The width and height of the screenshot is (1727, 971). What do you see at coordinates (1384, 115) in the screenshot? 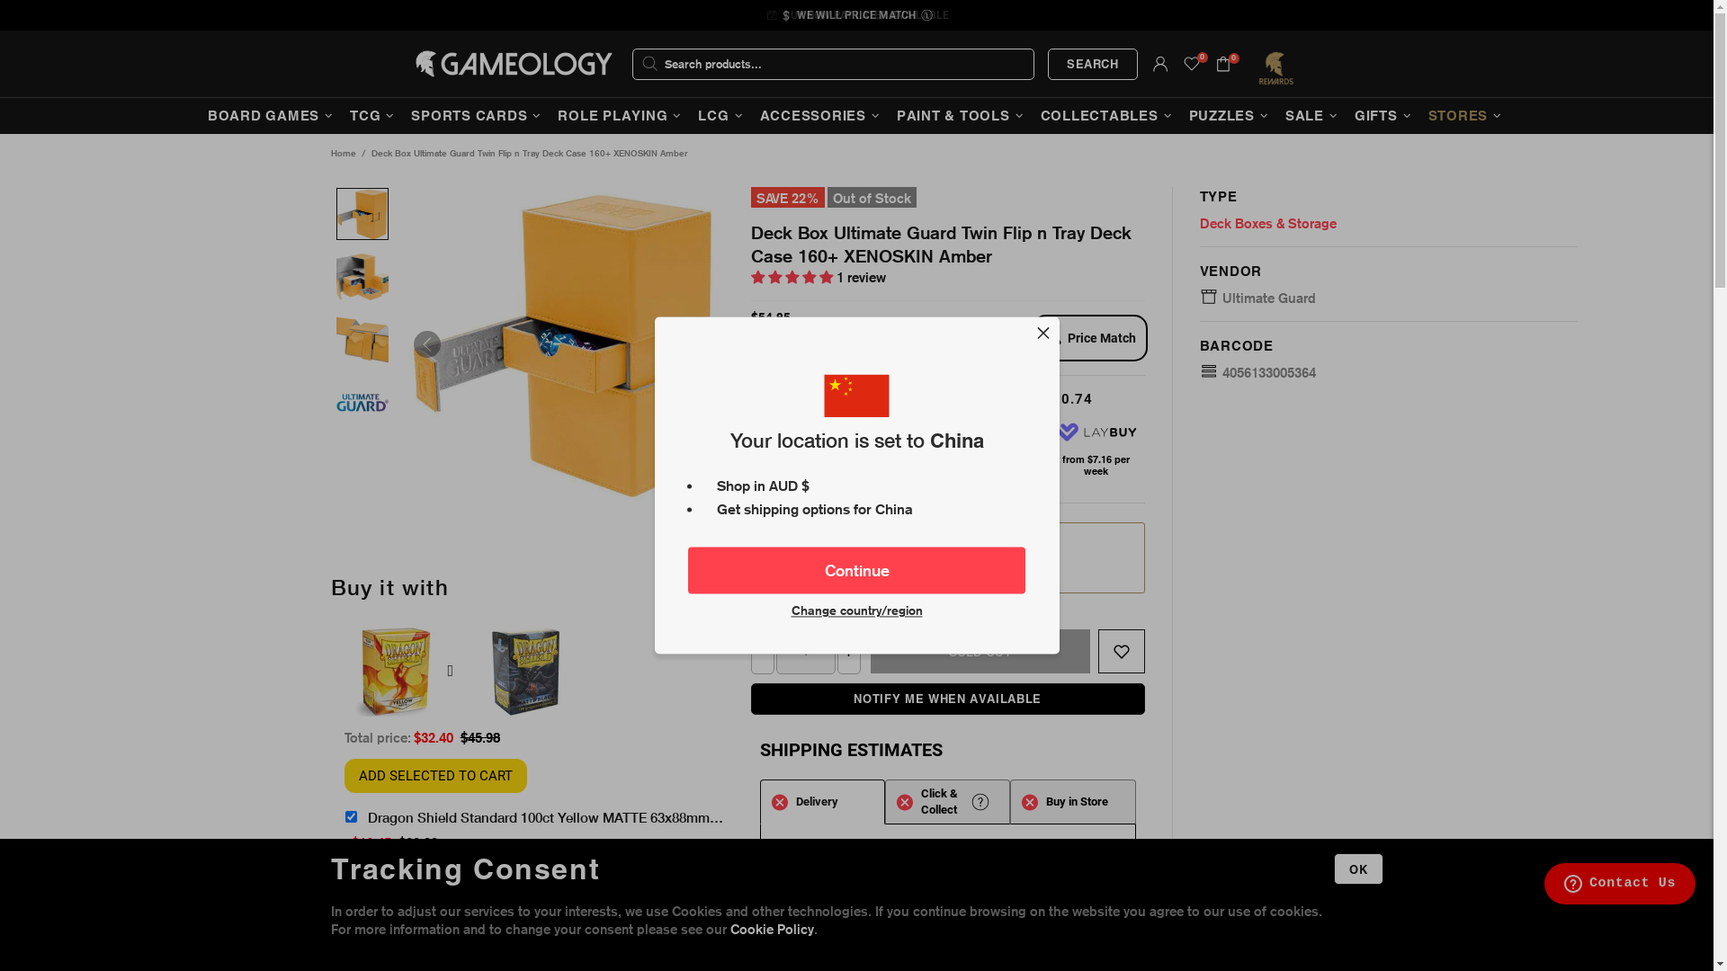
I see `'GIFTS'` at bounding box center [1384, 115].